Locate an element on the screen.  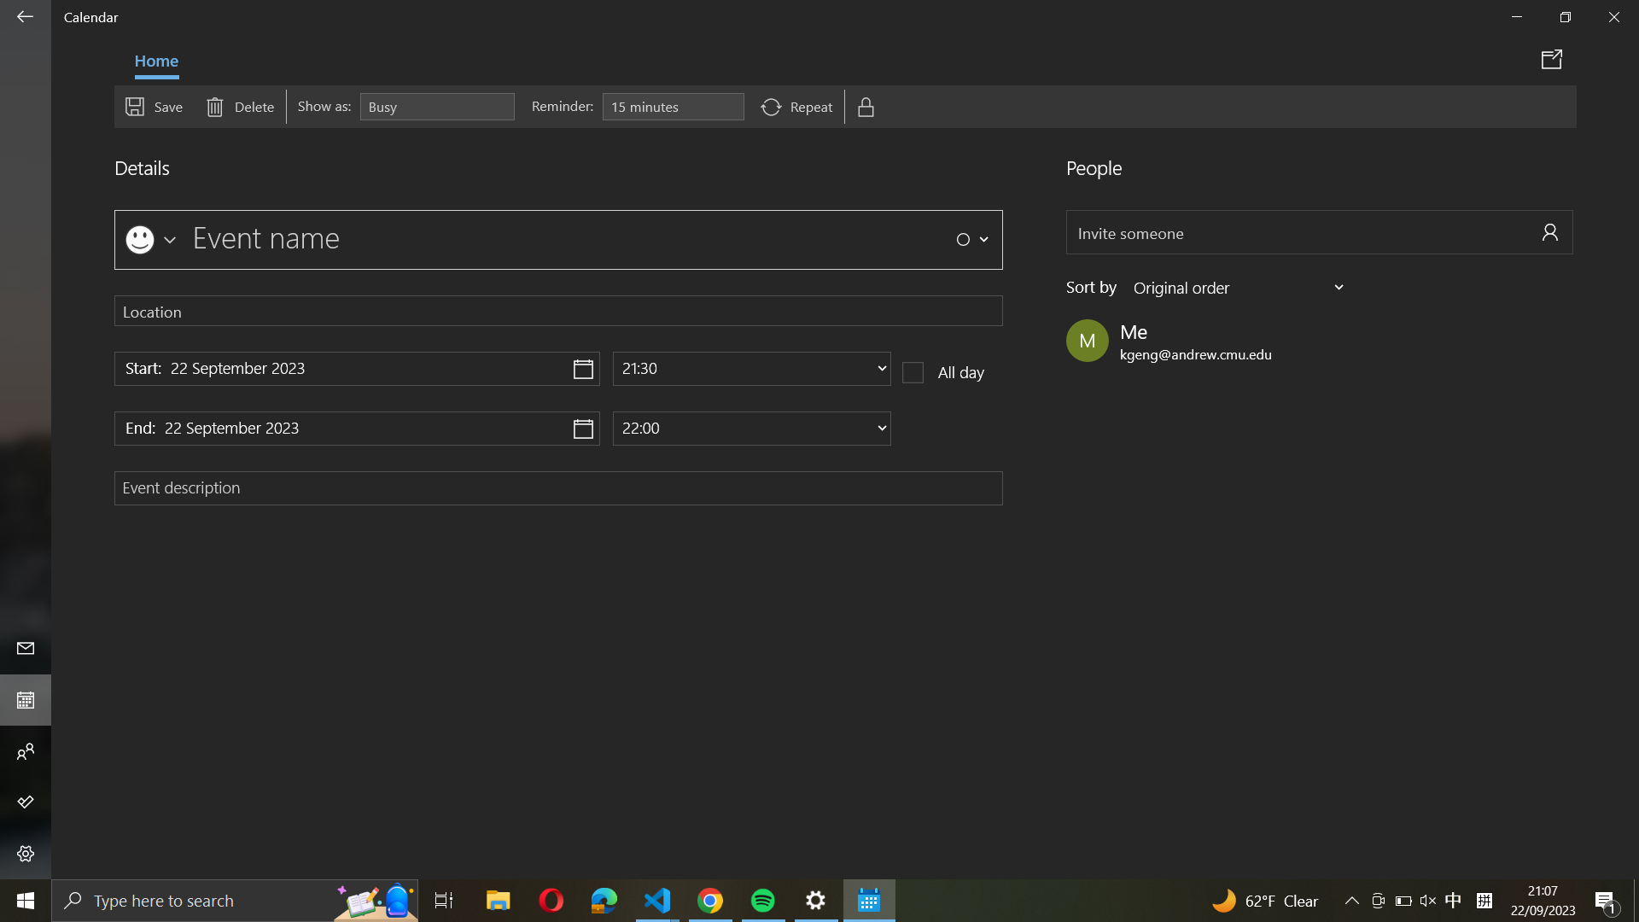
Erase the event by clicking on the delete button is located at coordinates (239, 105).